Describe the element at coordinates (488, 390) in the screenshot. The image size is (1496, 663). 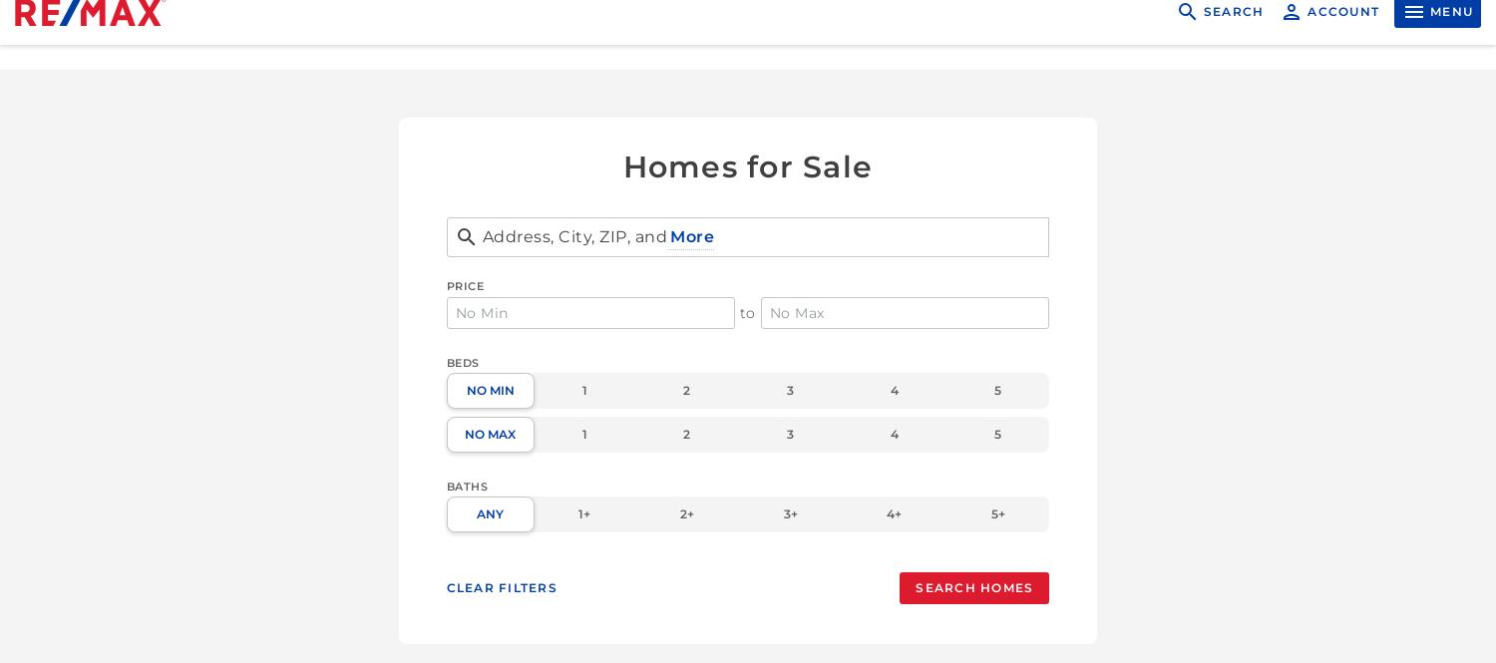
I see `'No Min'` at that location.